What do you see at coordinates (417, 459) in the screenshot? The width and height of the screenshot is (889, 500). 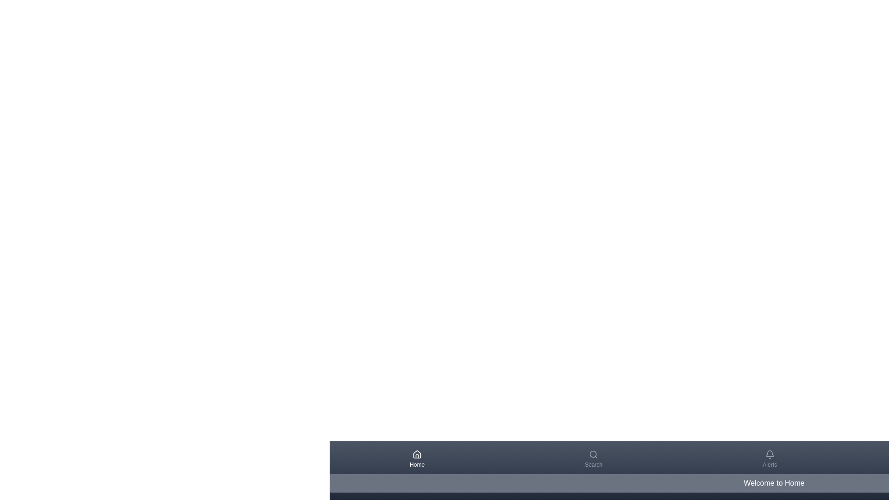 I see `the Home tab to navigate to its section` at bounding box center [417, 459].